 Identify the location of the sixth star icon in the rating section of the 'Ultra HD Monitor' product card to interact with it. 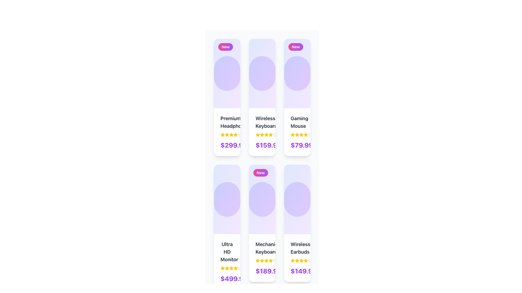
(236, 268).